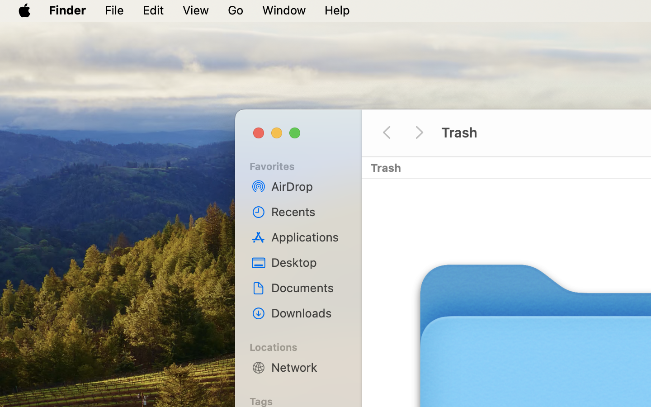 This screenshot has height=407, width=651. I want to click on 'Desktop', so click(307, 262).